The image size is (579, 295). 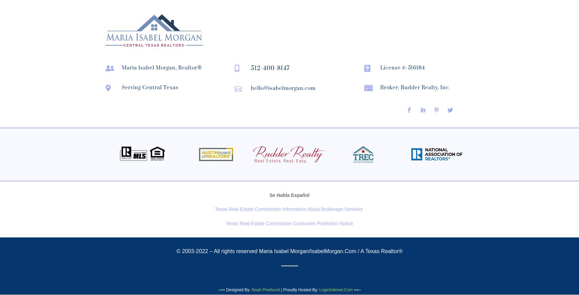 I want to click on '512-400-8147', so click(x=250, y=68).